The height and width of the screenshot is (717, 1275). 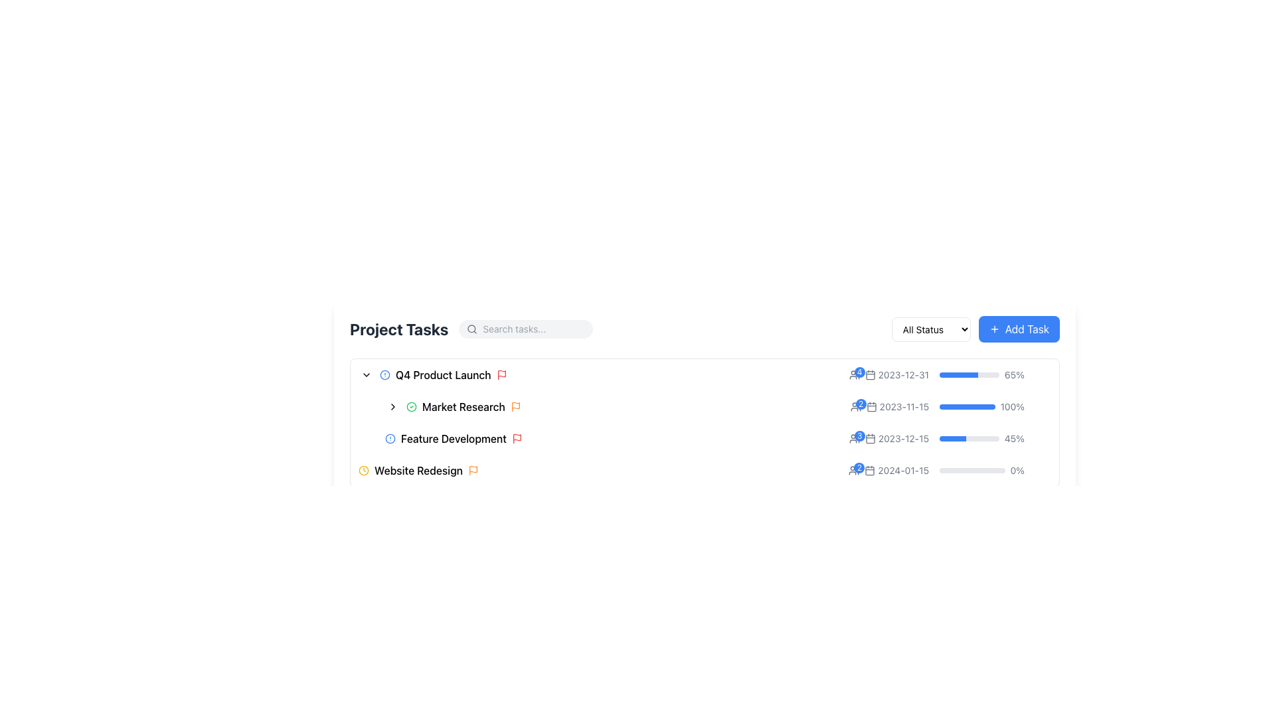 I want to click on the 'Website Redesign' task row, which is the fourth item, so click(x=603, y=470).